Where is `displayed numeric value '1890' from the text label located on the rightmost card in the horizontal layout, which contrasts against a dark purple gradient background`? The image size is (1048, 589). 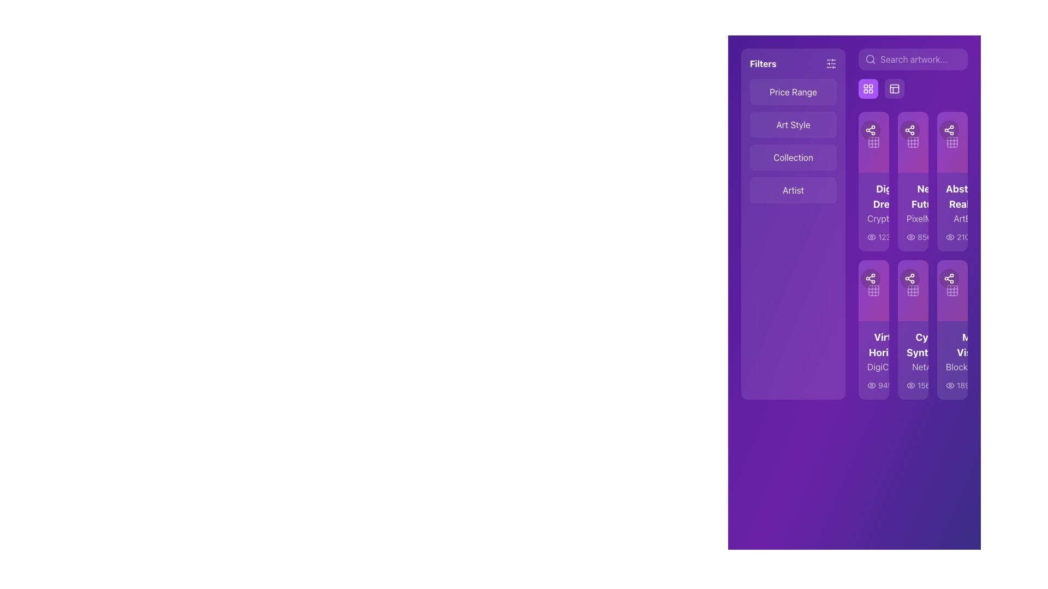
displayed numeric value '1890' from the text label located on the rightmost card in the horizontal layout, which contrasts against a dark purple gradient background is located at coordinates (966, 384).